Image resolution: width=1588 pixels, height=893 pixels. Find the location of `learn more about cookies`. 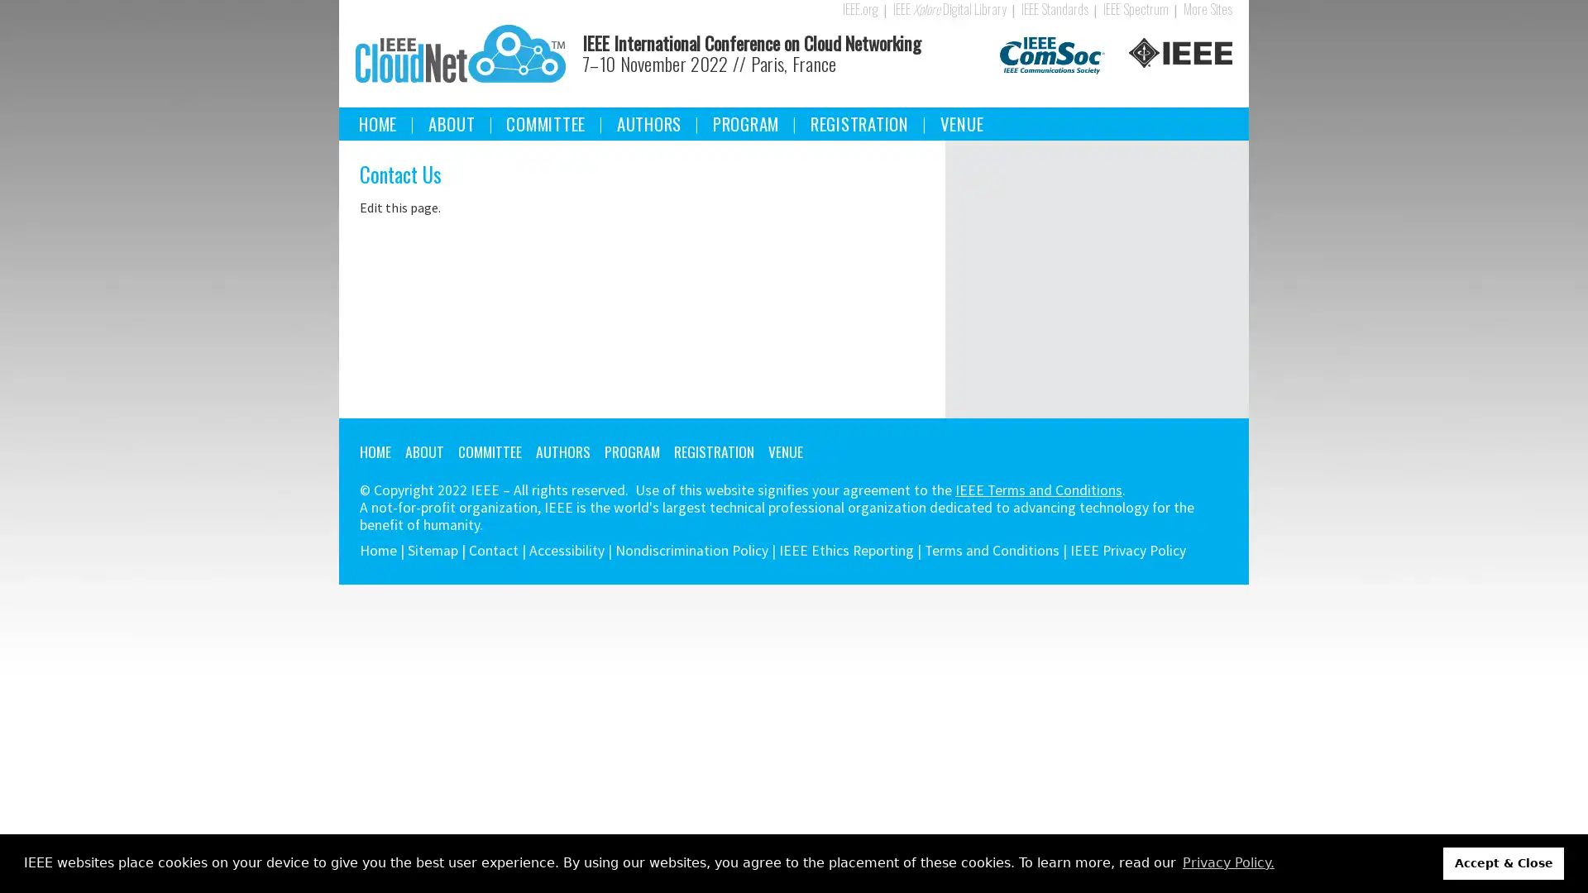

learn more about cookies is located at coordinates (1227, 862).